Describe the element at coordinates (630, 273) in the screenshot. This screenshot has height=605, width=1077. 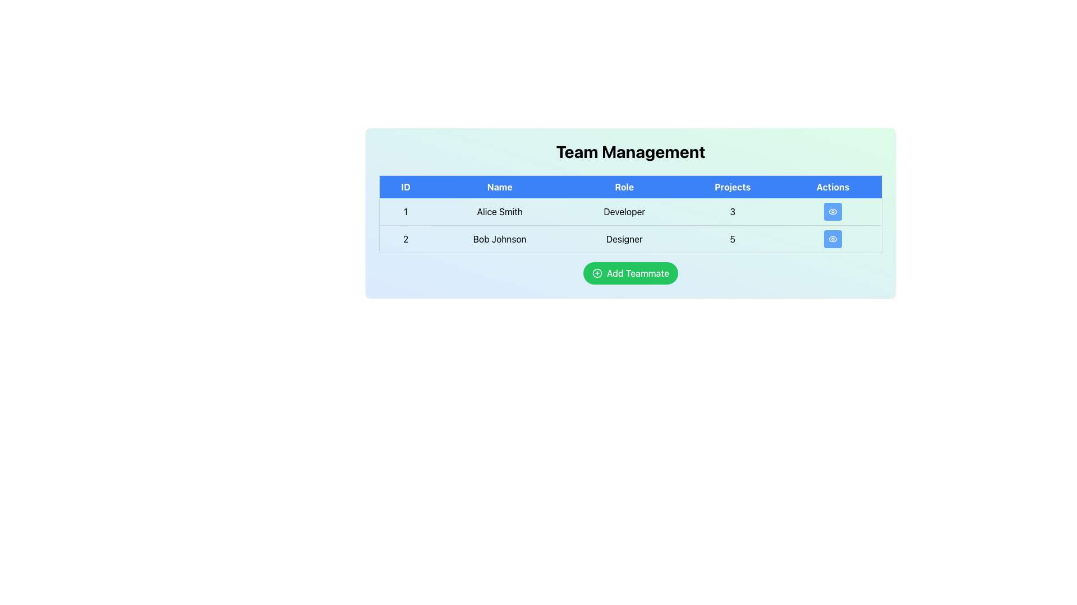
I see `the rounded rectangular button with a green background and white text reading 'Add Teammate'` at that location.